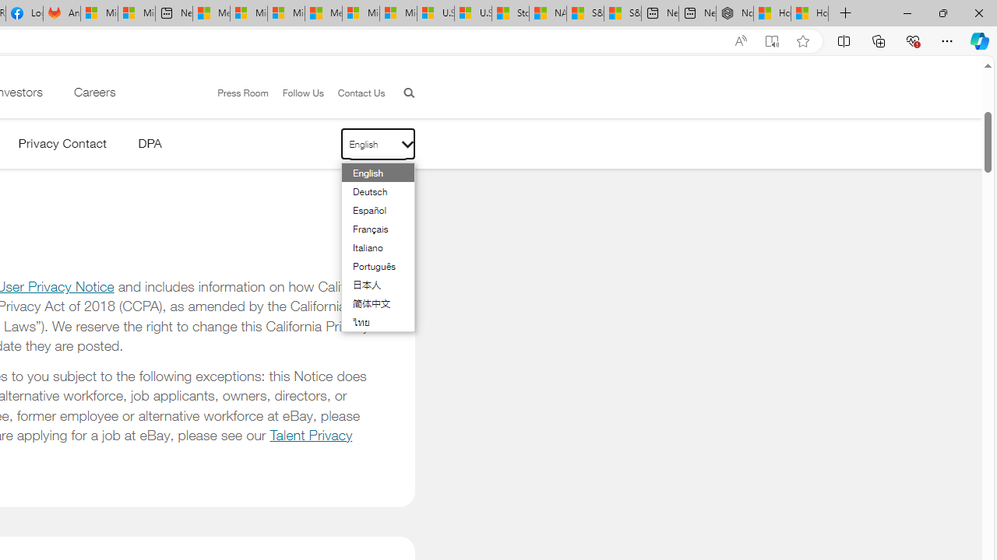 This screenshot has width=997, height=560. I want to click on 'DPA', so click(150, 146).